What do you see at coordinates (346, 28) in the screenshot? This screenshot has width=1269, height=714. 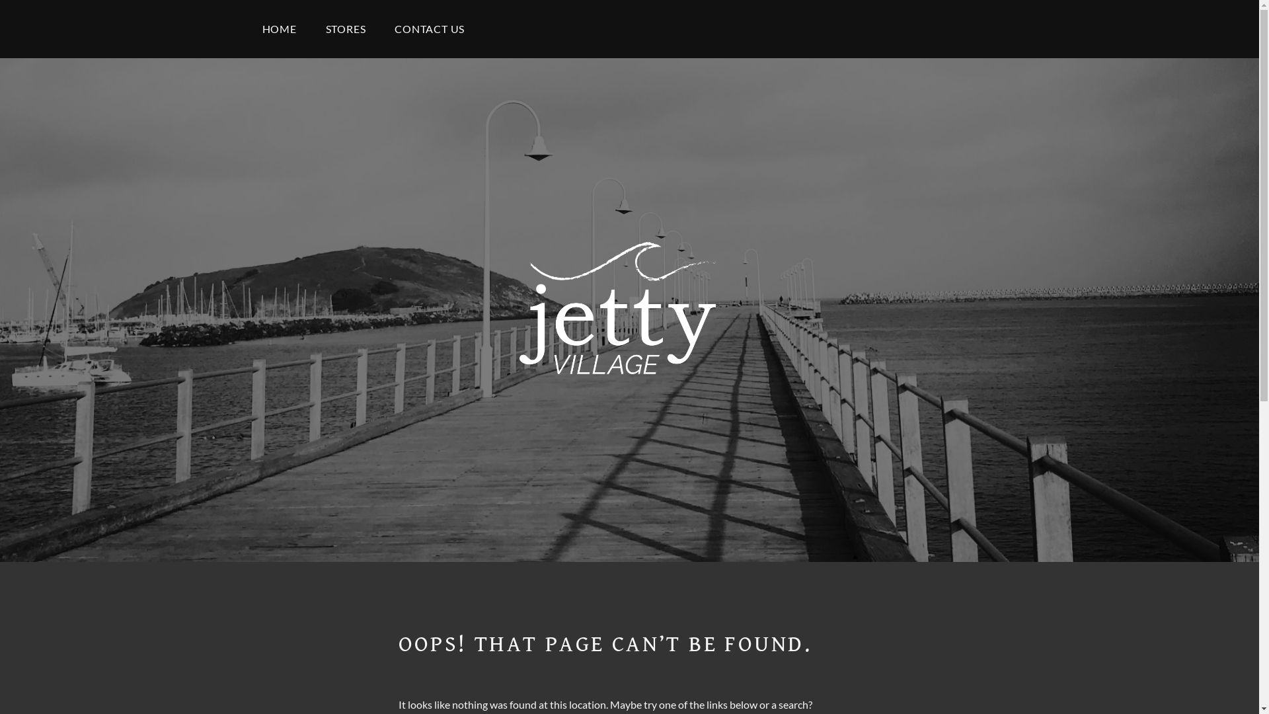 I see `'STORES'` at bounding box center [346, 28].